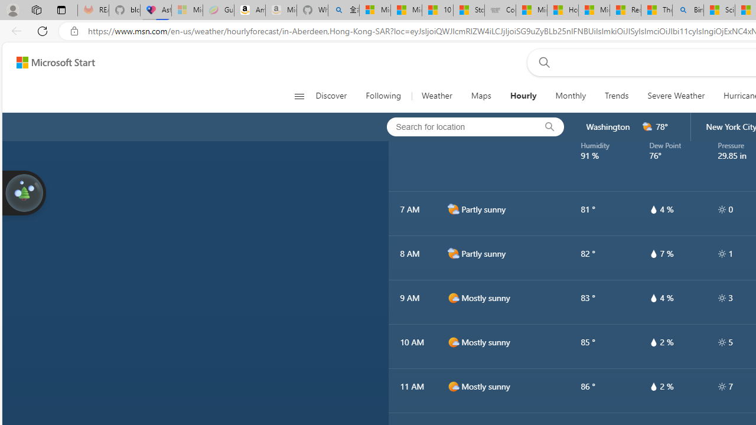  Describe the element at coordinates (617, 96) in the screenshot. I see `'Trends'` at that location.